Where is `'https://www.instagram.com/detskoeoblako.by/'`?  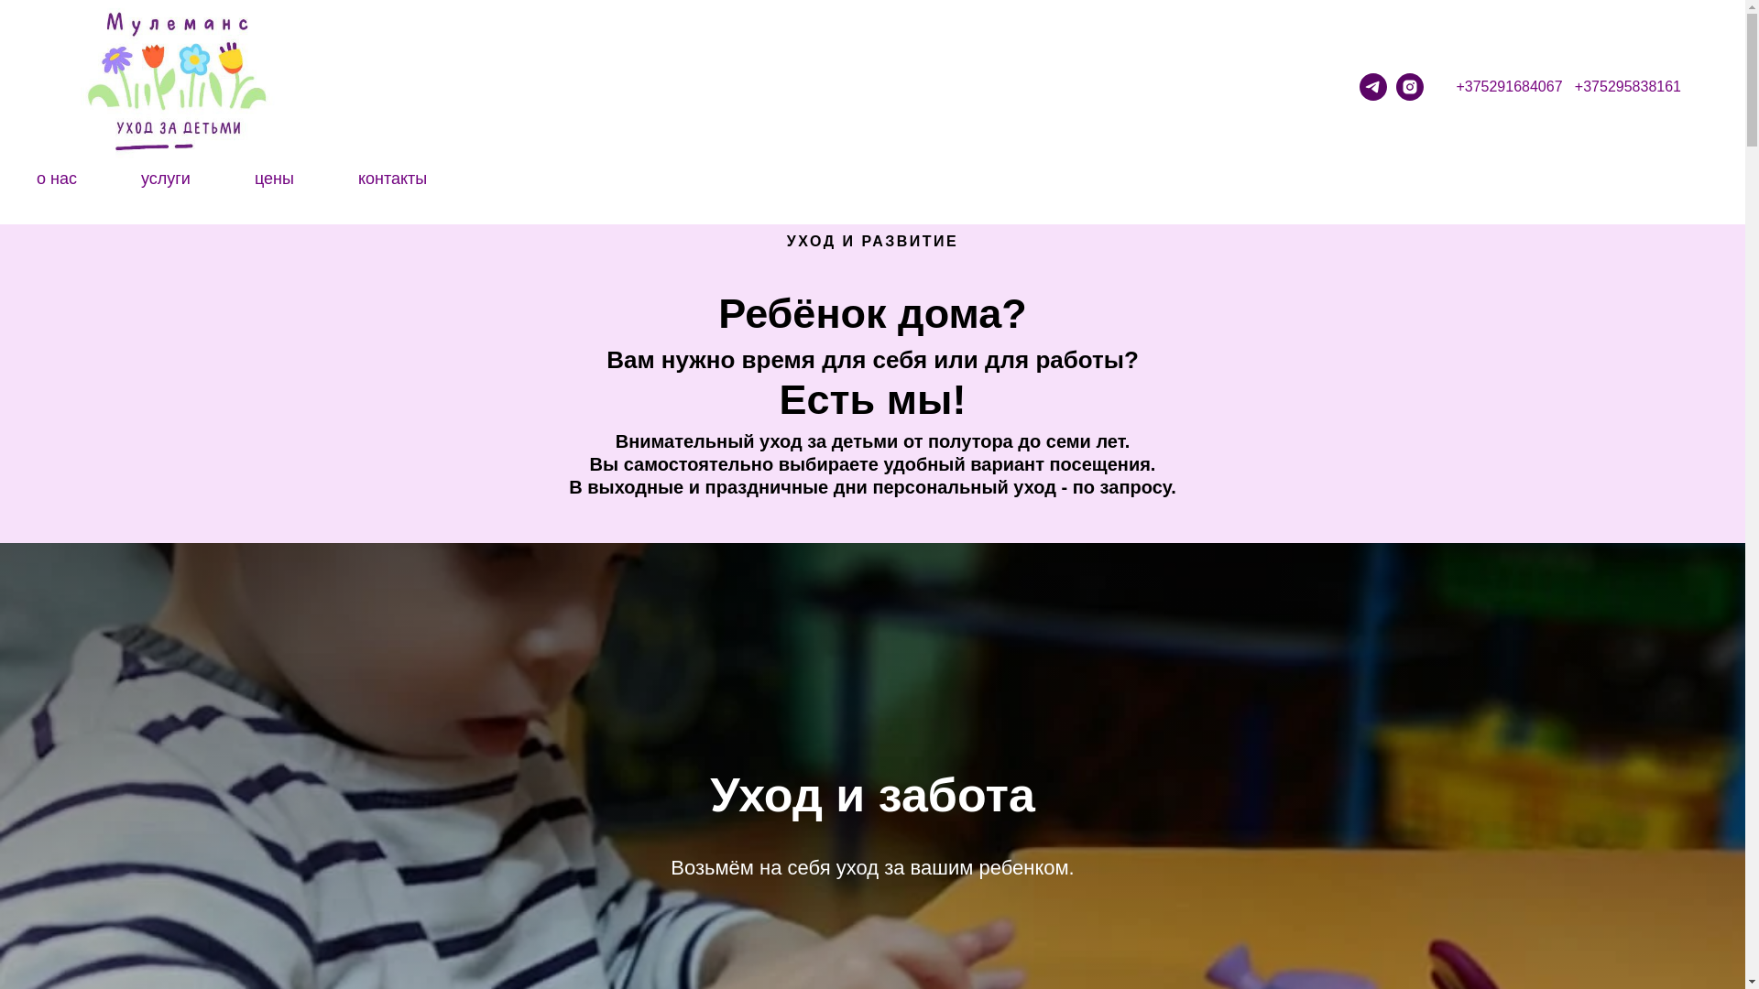 'https://www.instagram.com/detskoeoblako.by/' is located at coordinates (1409, 87).